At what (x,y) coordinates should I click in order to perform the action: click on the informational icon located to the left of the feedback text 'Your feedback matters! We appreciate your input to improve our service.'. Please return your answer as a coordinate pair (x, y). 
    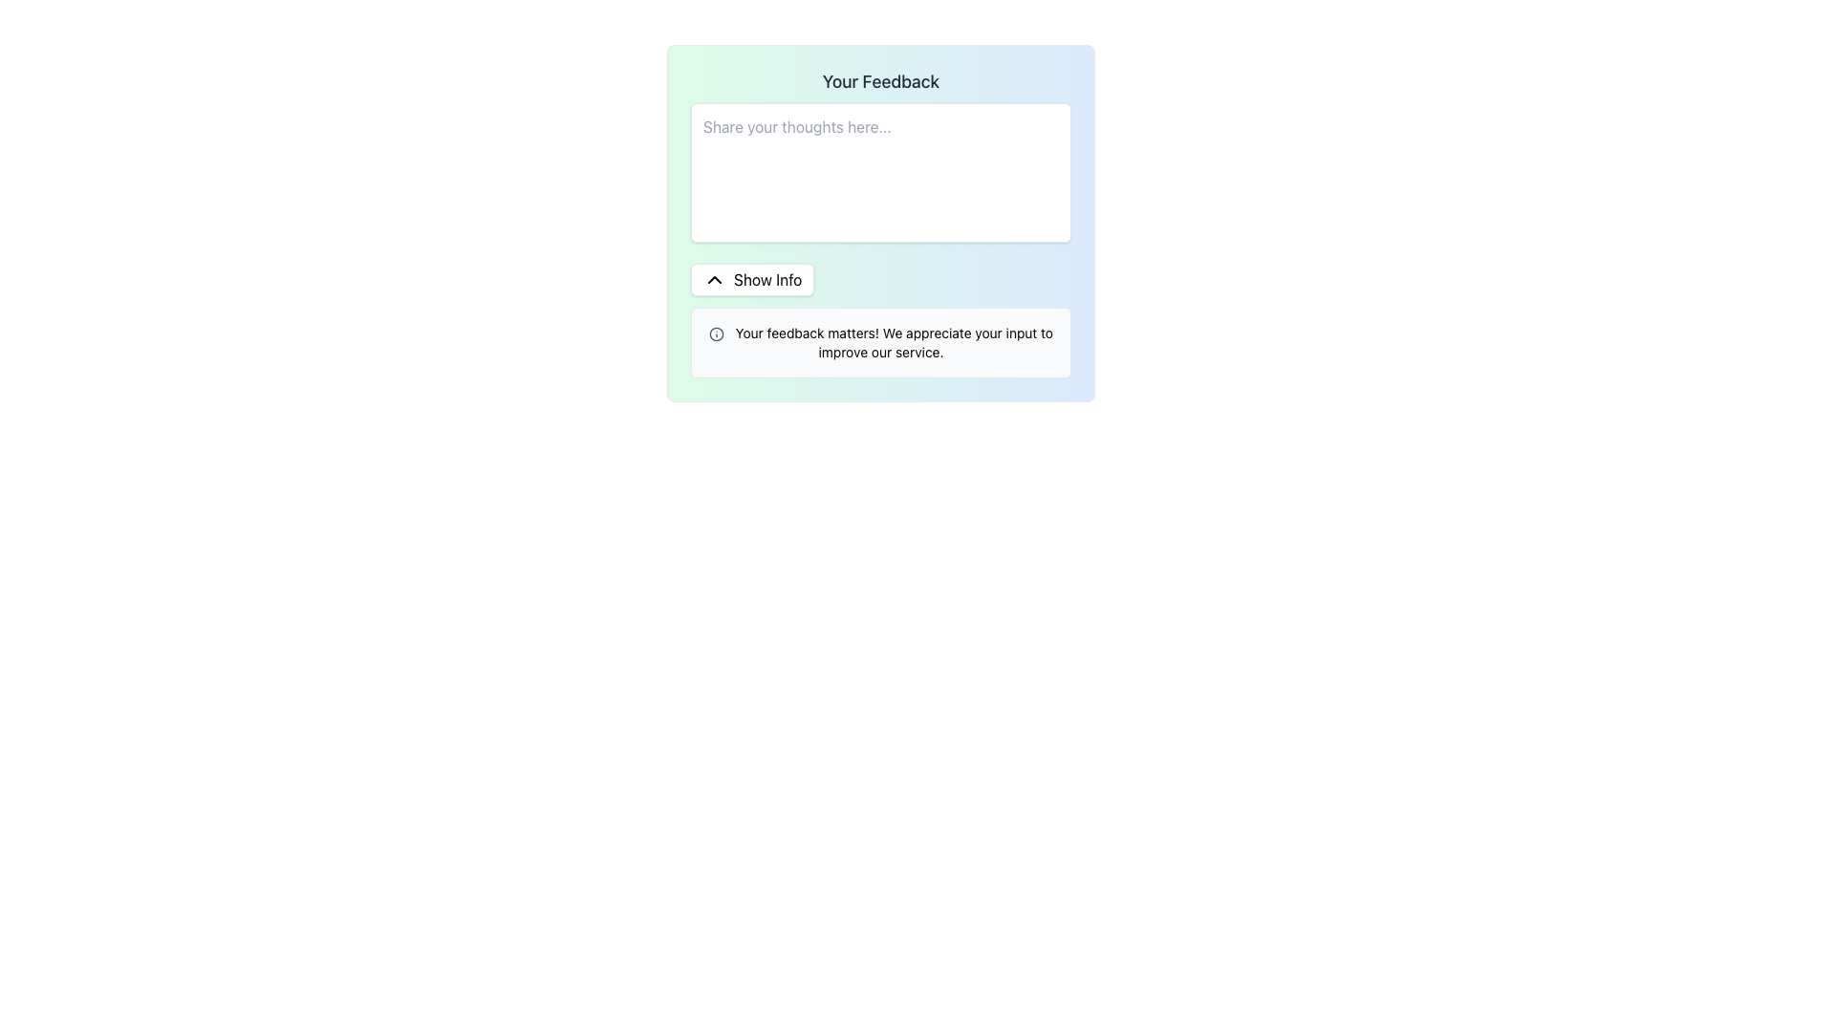
    Looking at the image, I should click on (715, 333).